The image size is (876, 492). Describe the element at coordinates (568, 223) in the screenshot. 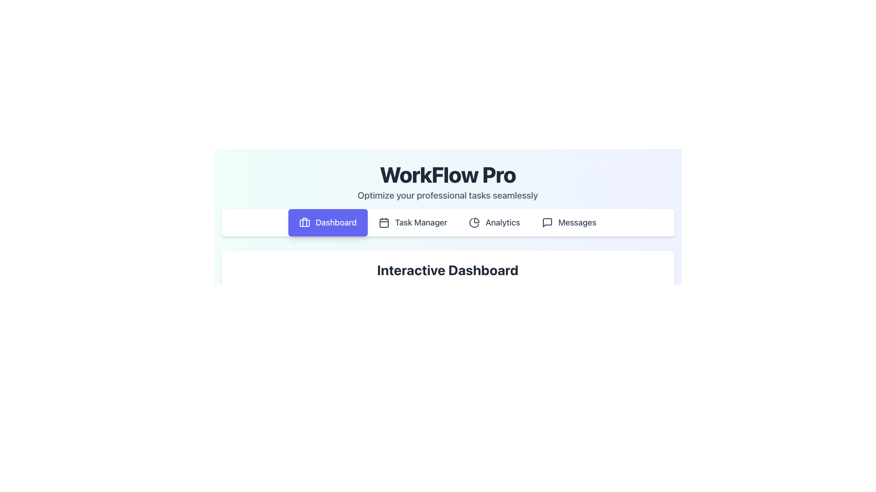

I see `the 'Messages' button, which is a rectangular button located at the far-right end of the navigation bar and features a chat bubble icon alongside the label 'Messages'` at that location.